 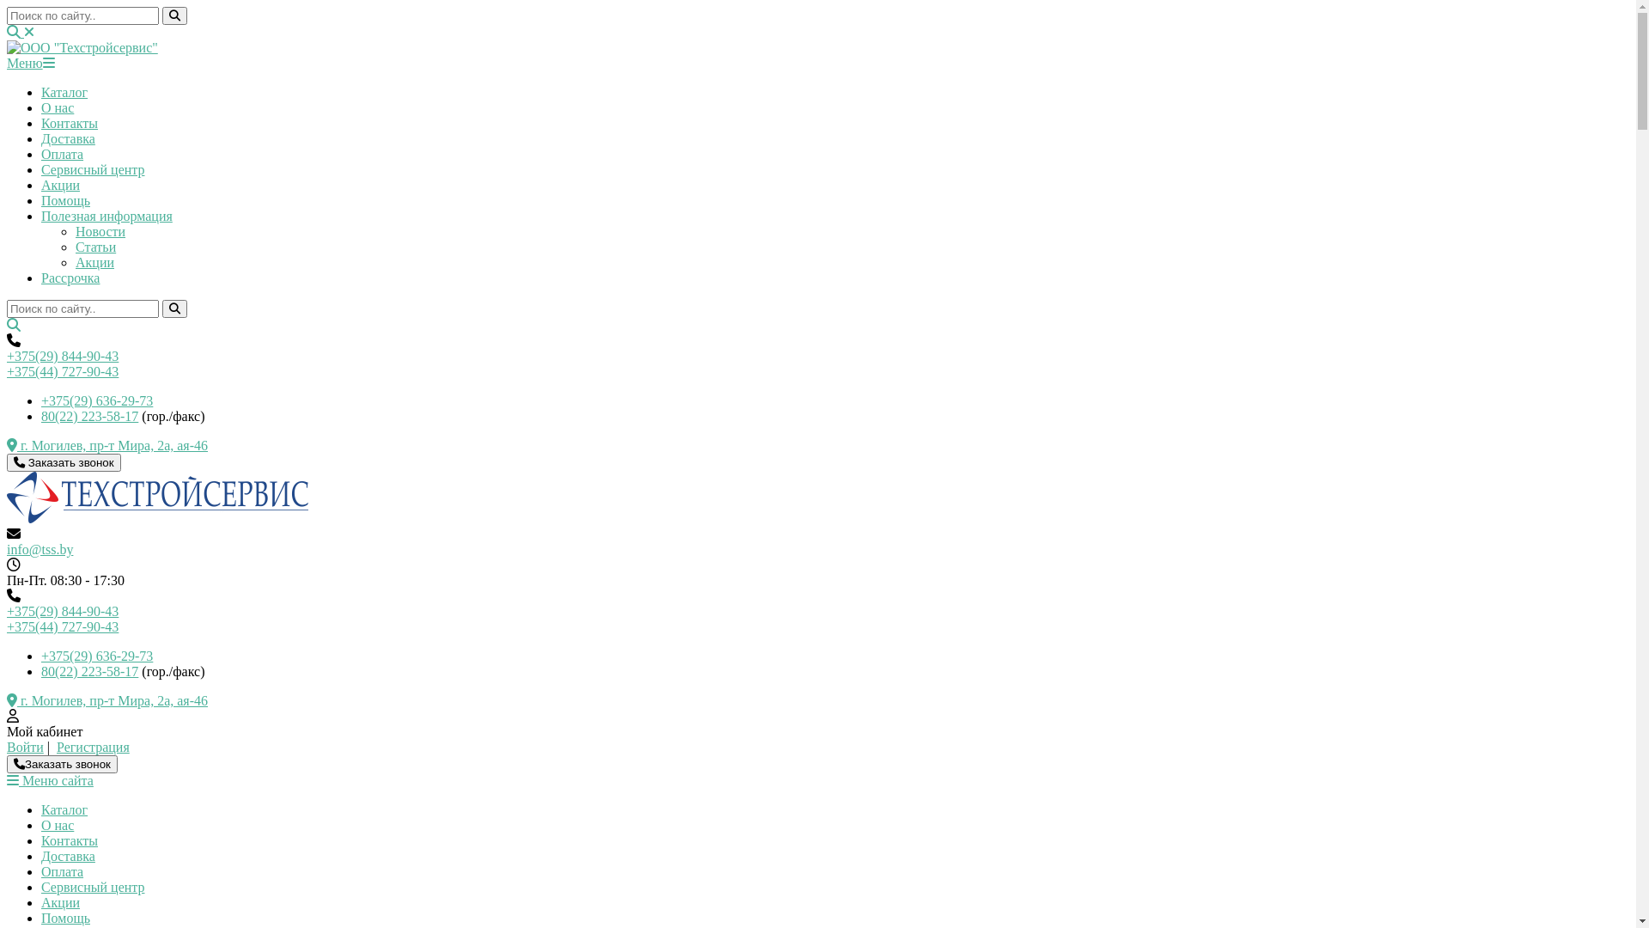 I want to click on '+375(29) 844-90-43', so click(x=62, y=355).